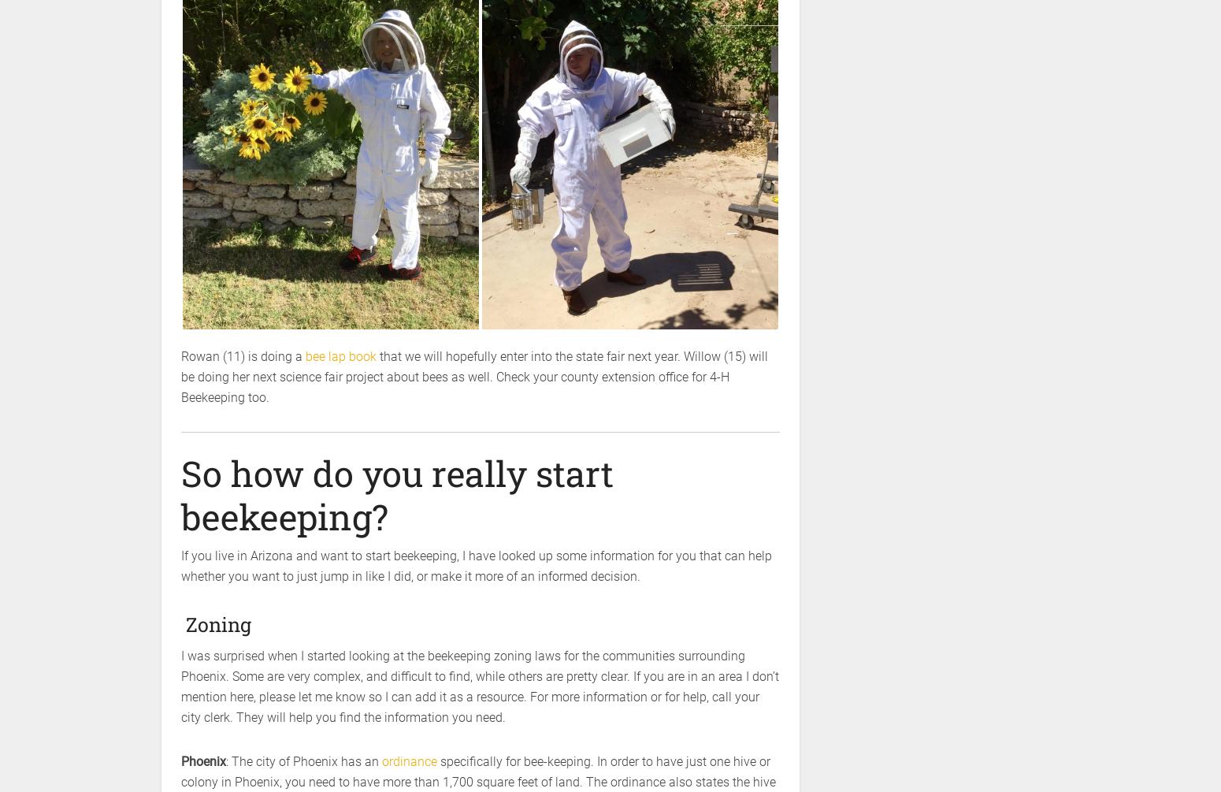 The width and height of the screenshot is (1221, 792). I want to click on 'ordinance', so click(409, 760).